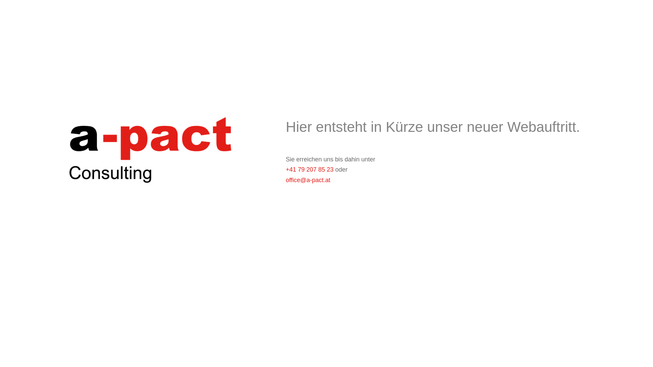 The height and width of the screenshot is (367, 653). What do you see at coordinates (148, 146) in the screenshot?
I see `'a-pact AT'` at bounding box center [148, 146].